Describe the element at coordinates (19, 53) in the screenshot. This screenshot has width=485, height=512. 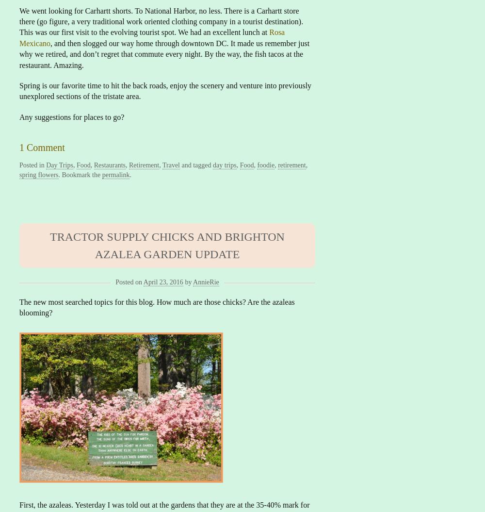
I see `', and then slogged our way home through downtown DC. It made us remember just why we retired, and don’t regret that commute every night. By the way, the fish tacos at the restaurant. Amazing.'` at that location.